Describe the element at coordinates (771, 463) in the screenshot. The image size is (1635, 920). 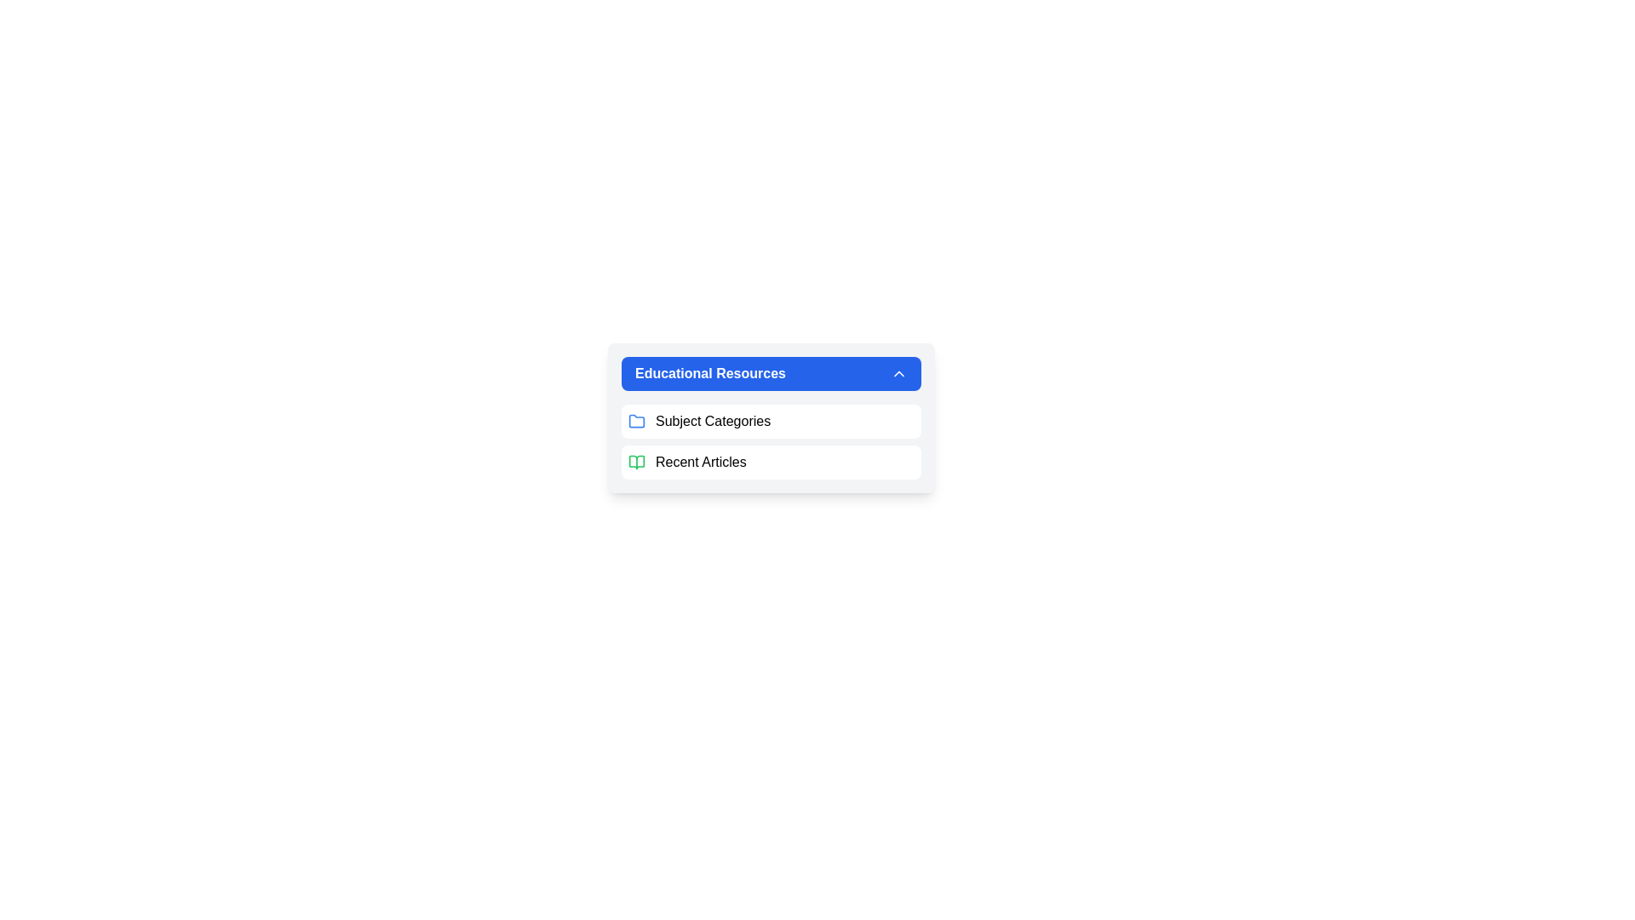
I see `the second clickable list item or button under 'Educational Resources'` at that location.